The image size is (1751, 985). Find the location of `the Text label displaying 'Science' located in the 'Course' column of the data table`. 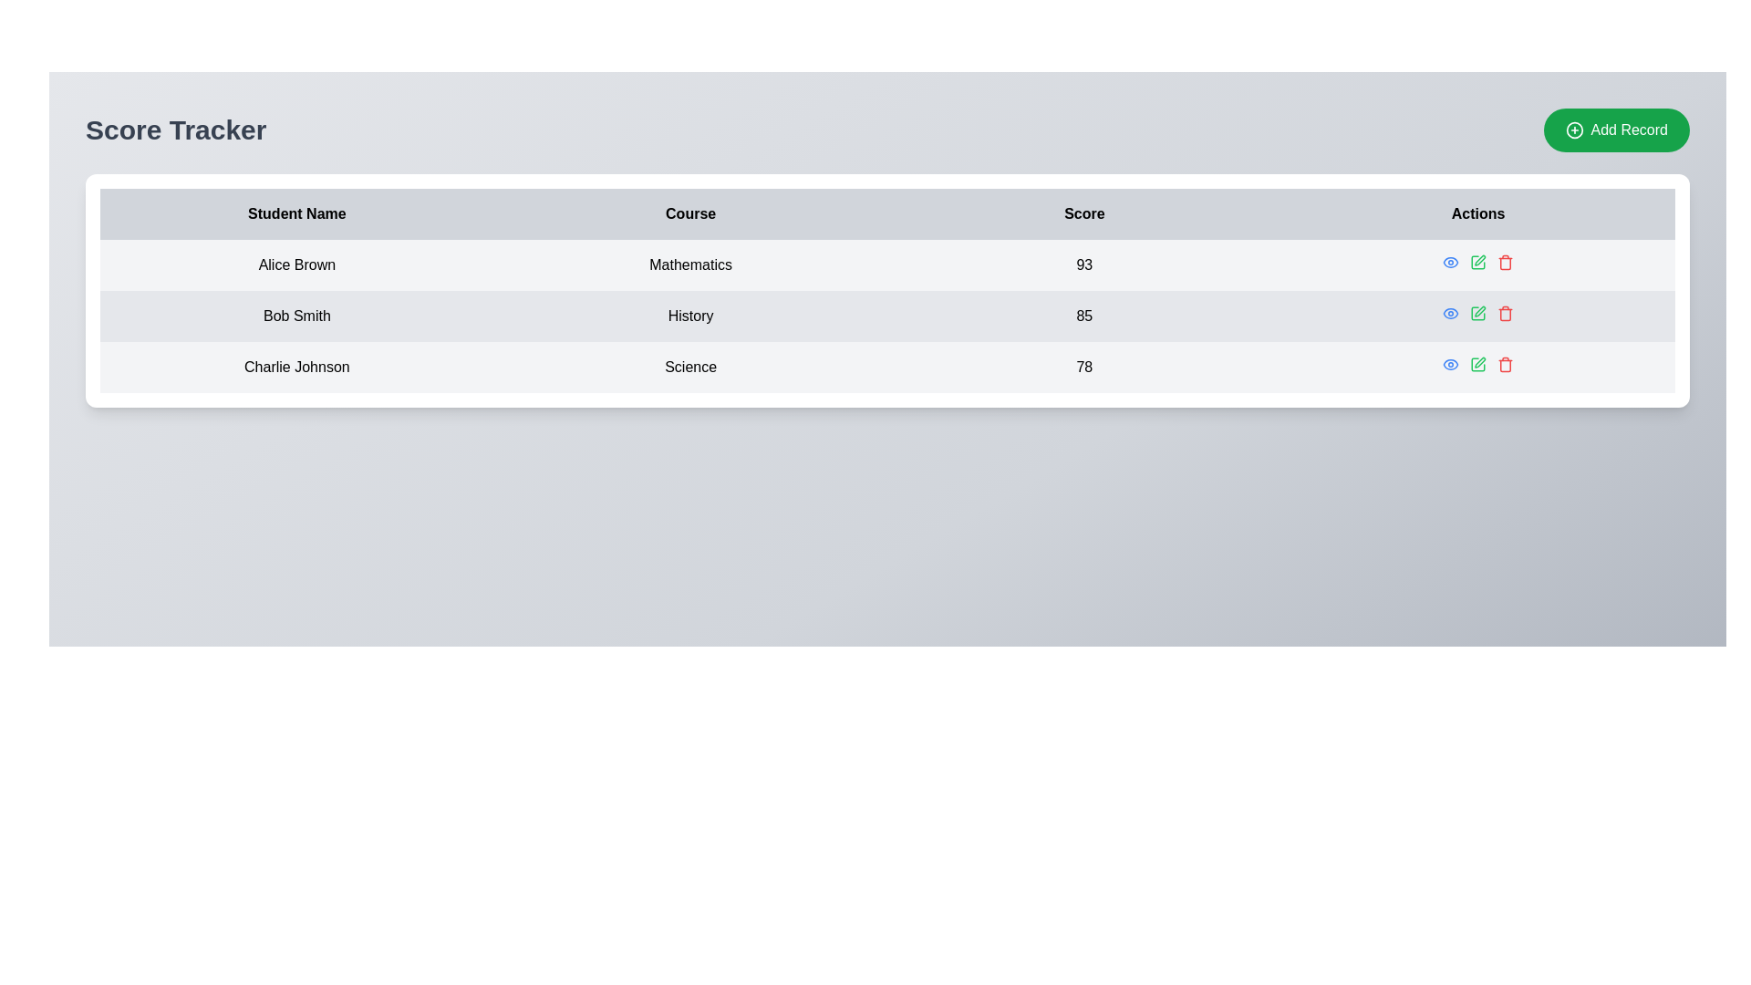

the Text label displaying 'Science' located in the 'Course' column of the data table is located at coordinates (689, 367).